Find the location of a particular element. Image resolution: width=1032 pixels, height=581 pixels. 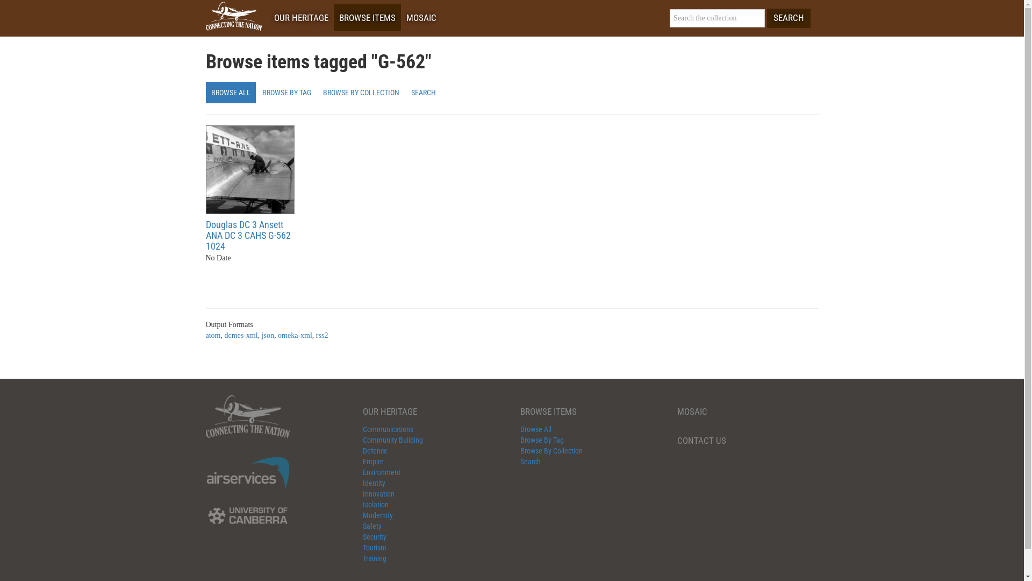

'json' is located at coordinates (268, 335).